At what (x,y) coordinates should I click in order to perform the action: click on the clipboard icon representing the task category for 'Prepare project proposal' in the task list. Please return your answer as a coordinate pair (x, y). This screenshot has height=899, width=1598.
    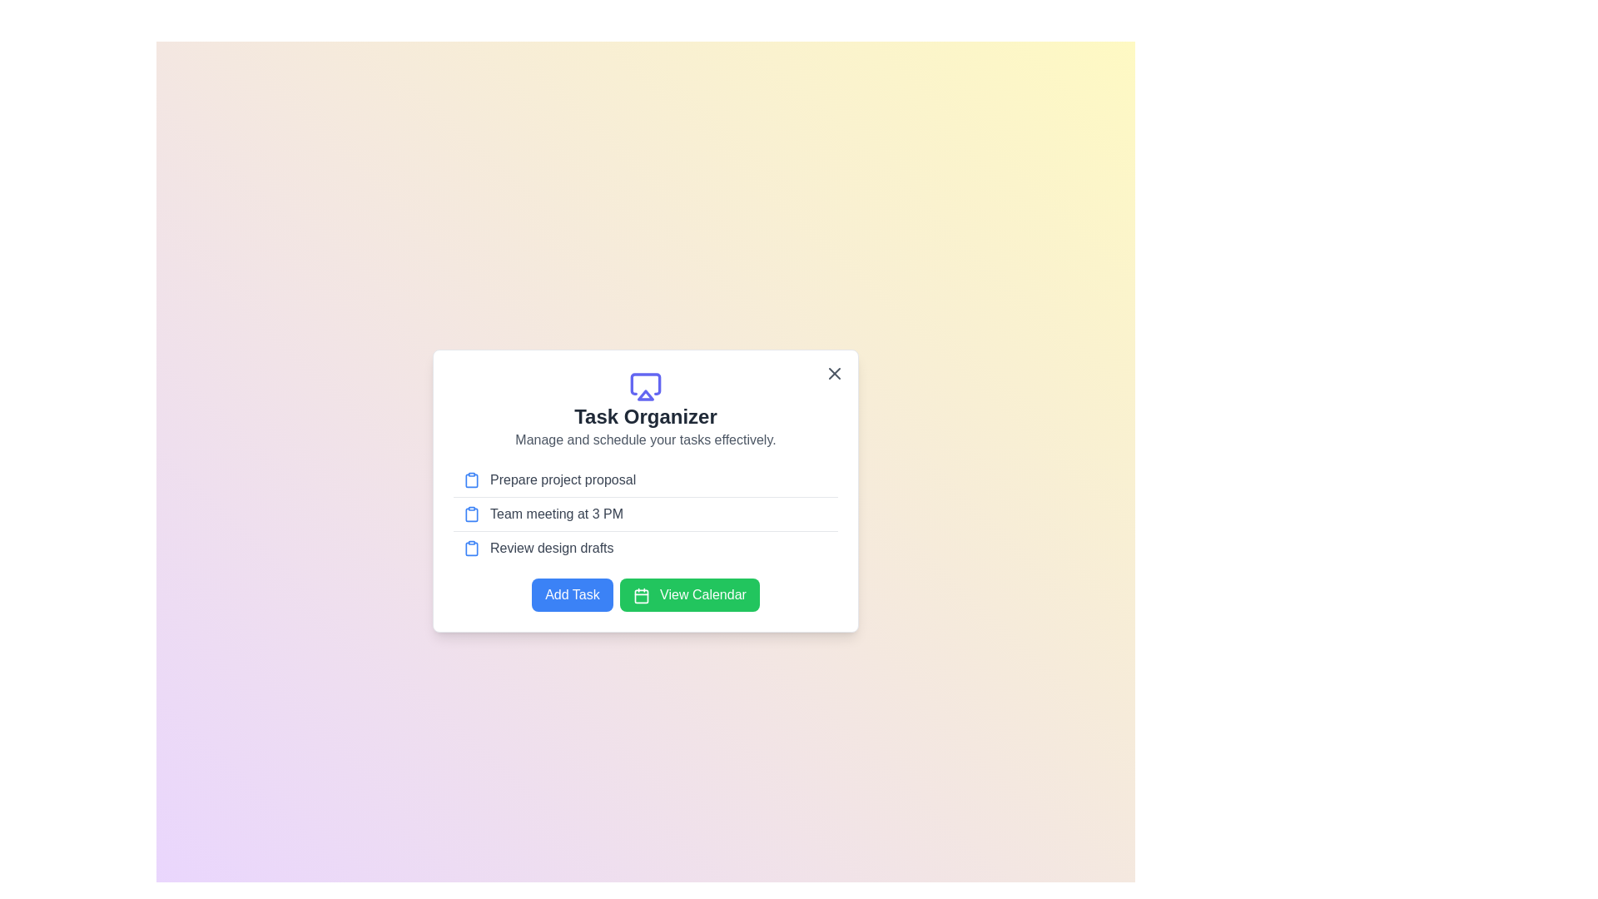
    Looking at the image, I should click on (470, 480).